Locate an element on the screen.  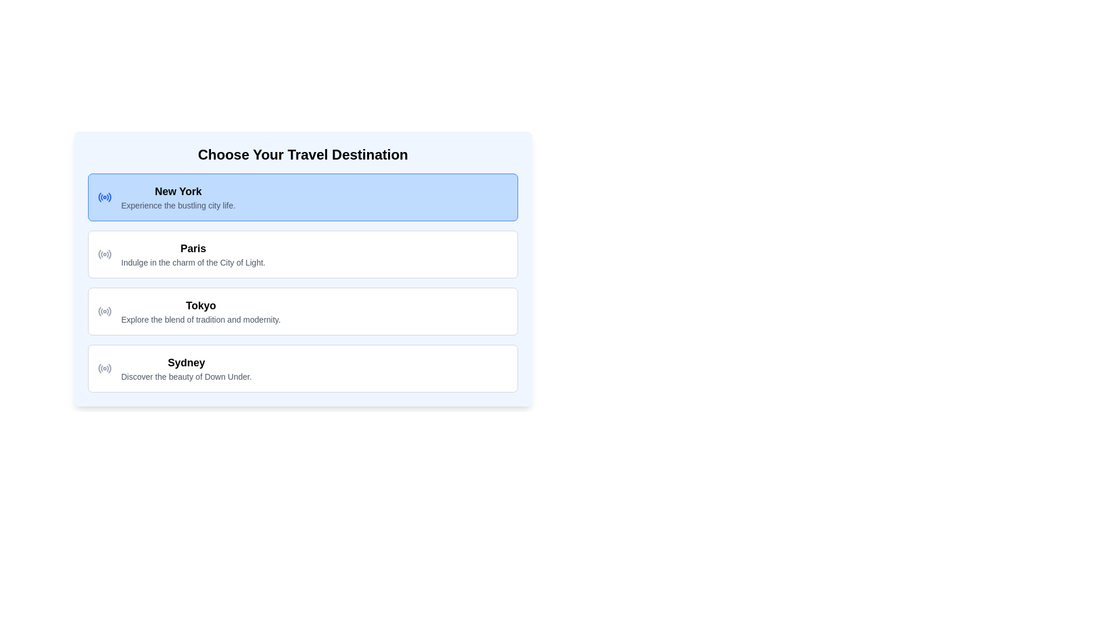
descriptive subtitle or tag line located directly below the 'Tokyo' heading in the travel destinations list, which is the second part of the second item is located at coordinates (200, 319).